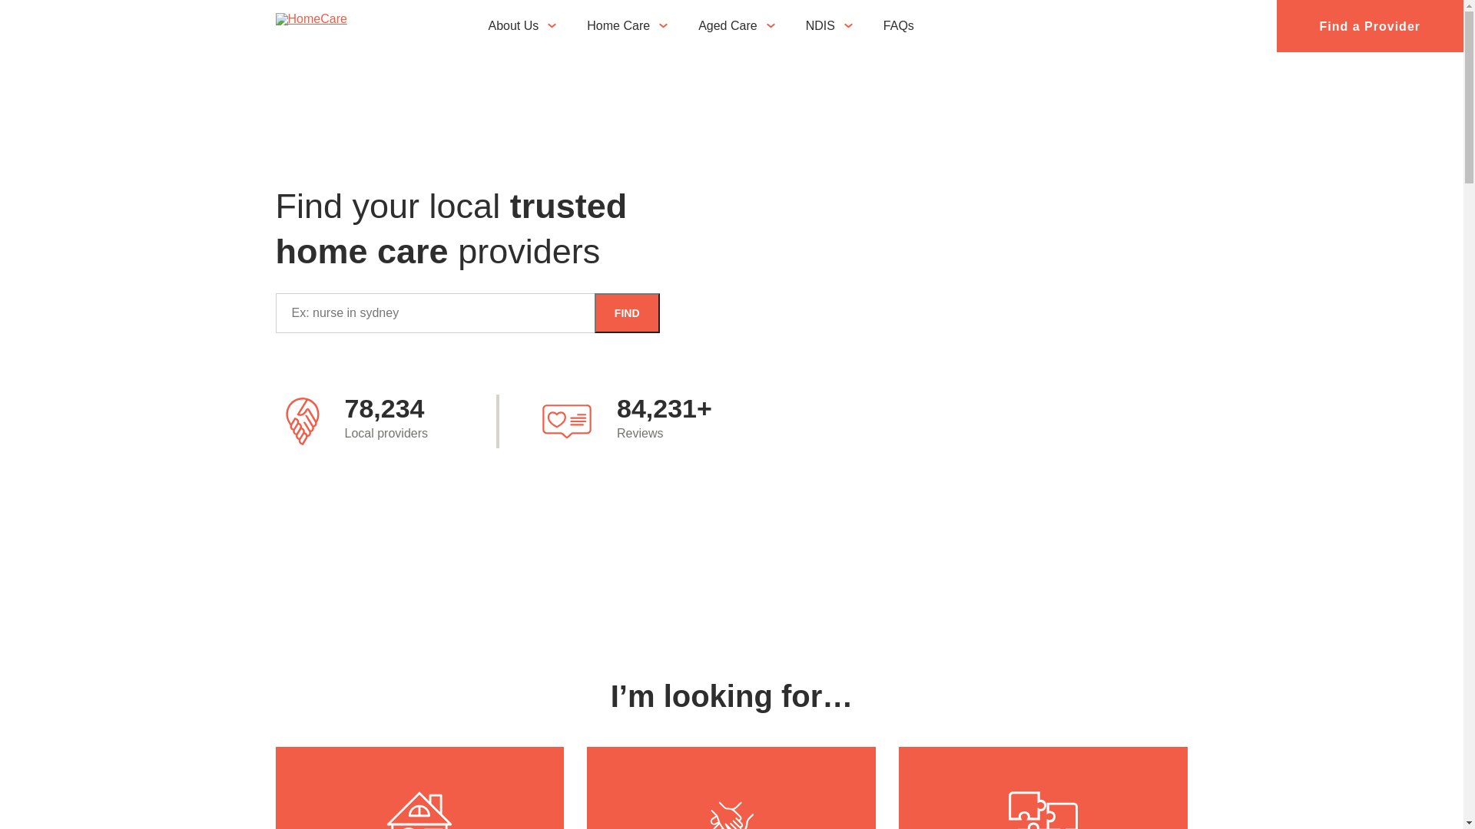 The height and width of the screenshot is (829, 1475). What do you see at coordinates (626, 25) in the screenshot?
I see `'Home Care'` at bounding box center [626, 25].